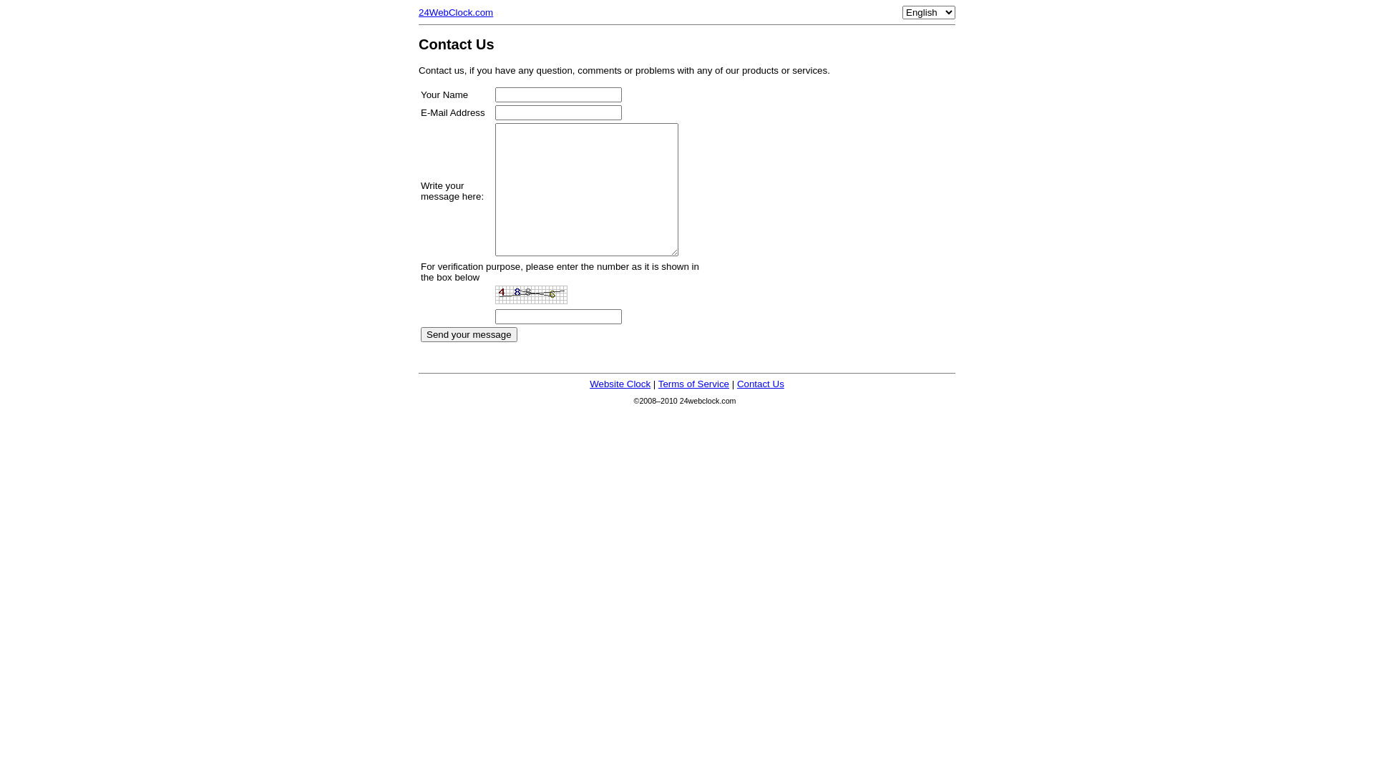 This screenshot has height=773, width=1374. I want to click on 'Contact Us', so click(759, 383).